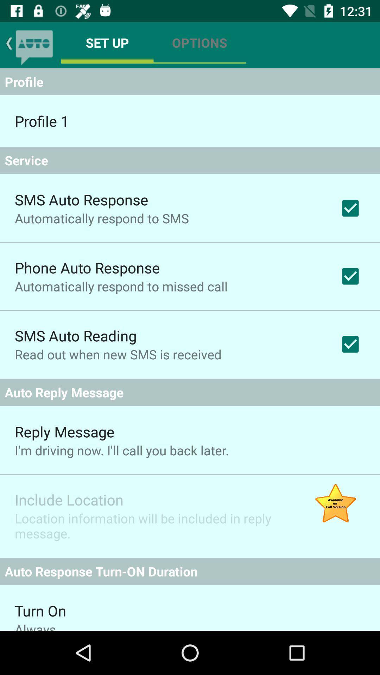 The height and width of the screenshot is (675, 380). Describe the element at coordinates (34, 45) in the screenshot. I see `the chat icon` at that location.